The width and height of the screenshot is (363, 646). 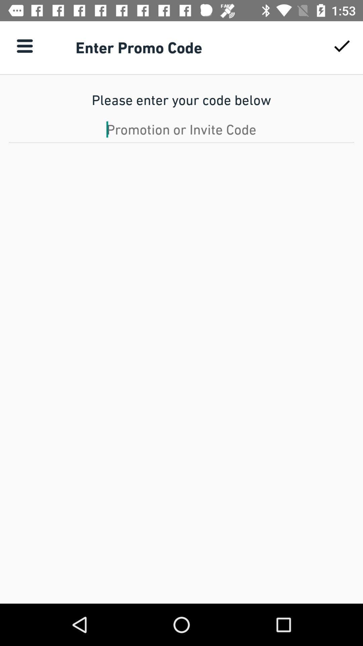 What do you see at coordinates (24, 45) in the screenshot?
I see `icon at the top left corner` at bounding box center [24, 45].